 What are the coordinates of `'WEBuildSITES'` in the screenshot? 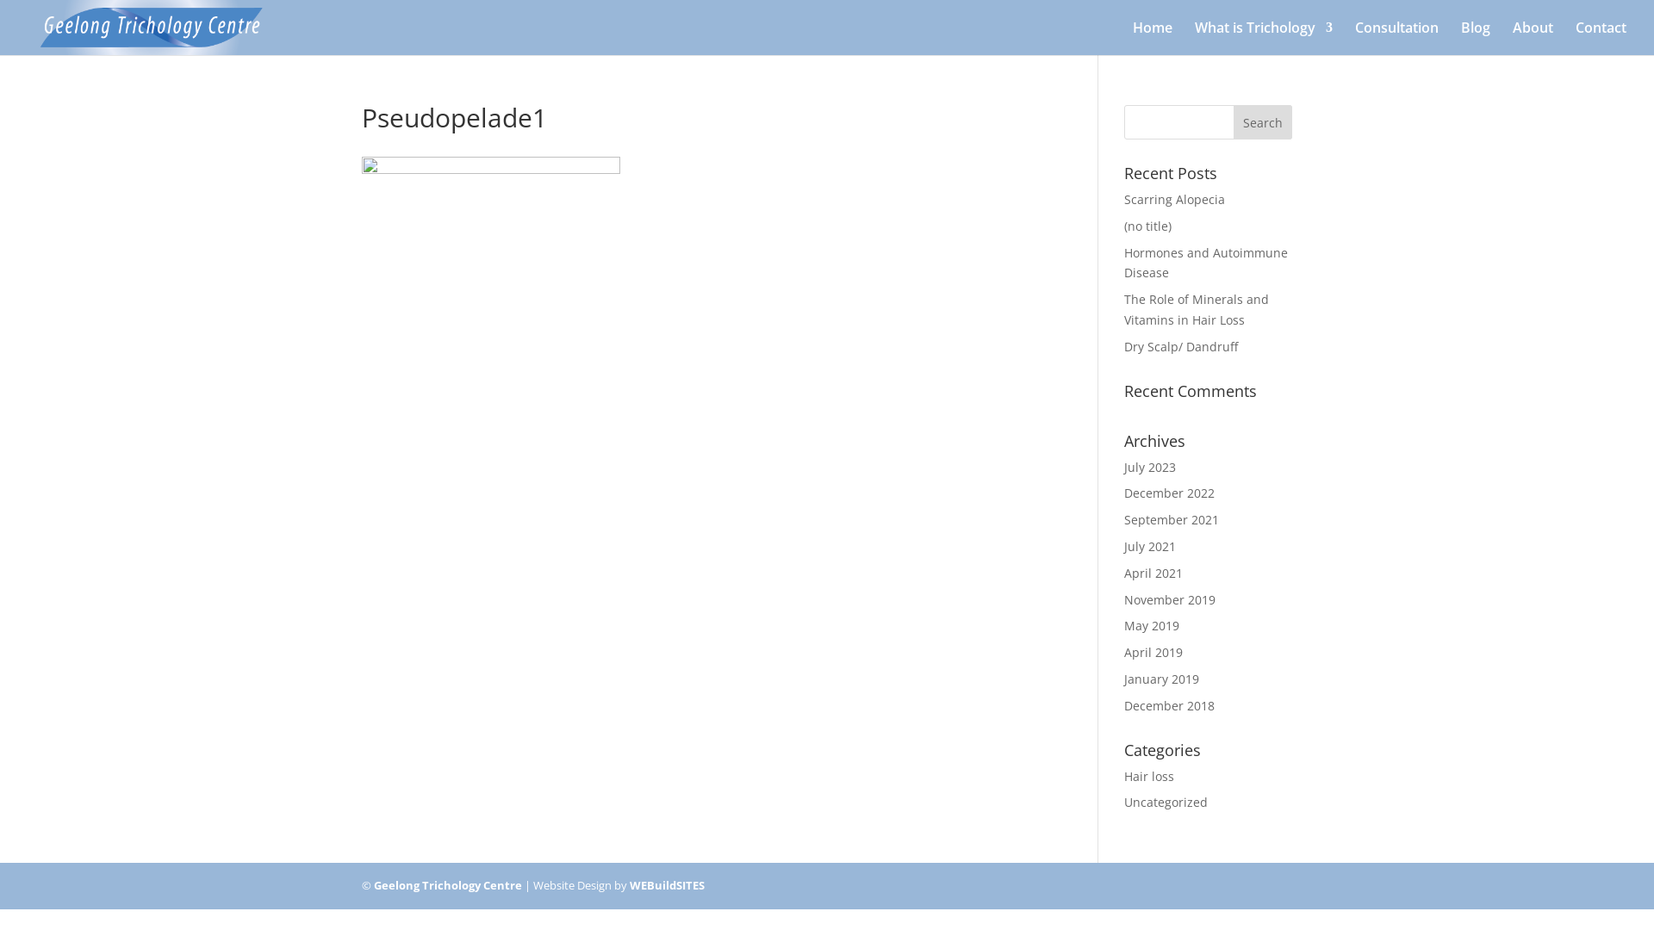 It's located at (666, 885).